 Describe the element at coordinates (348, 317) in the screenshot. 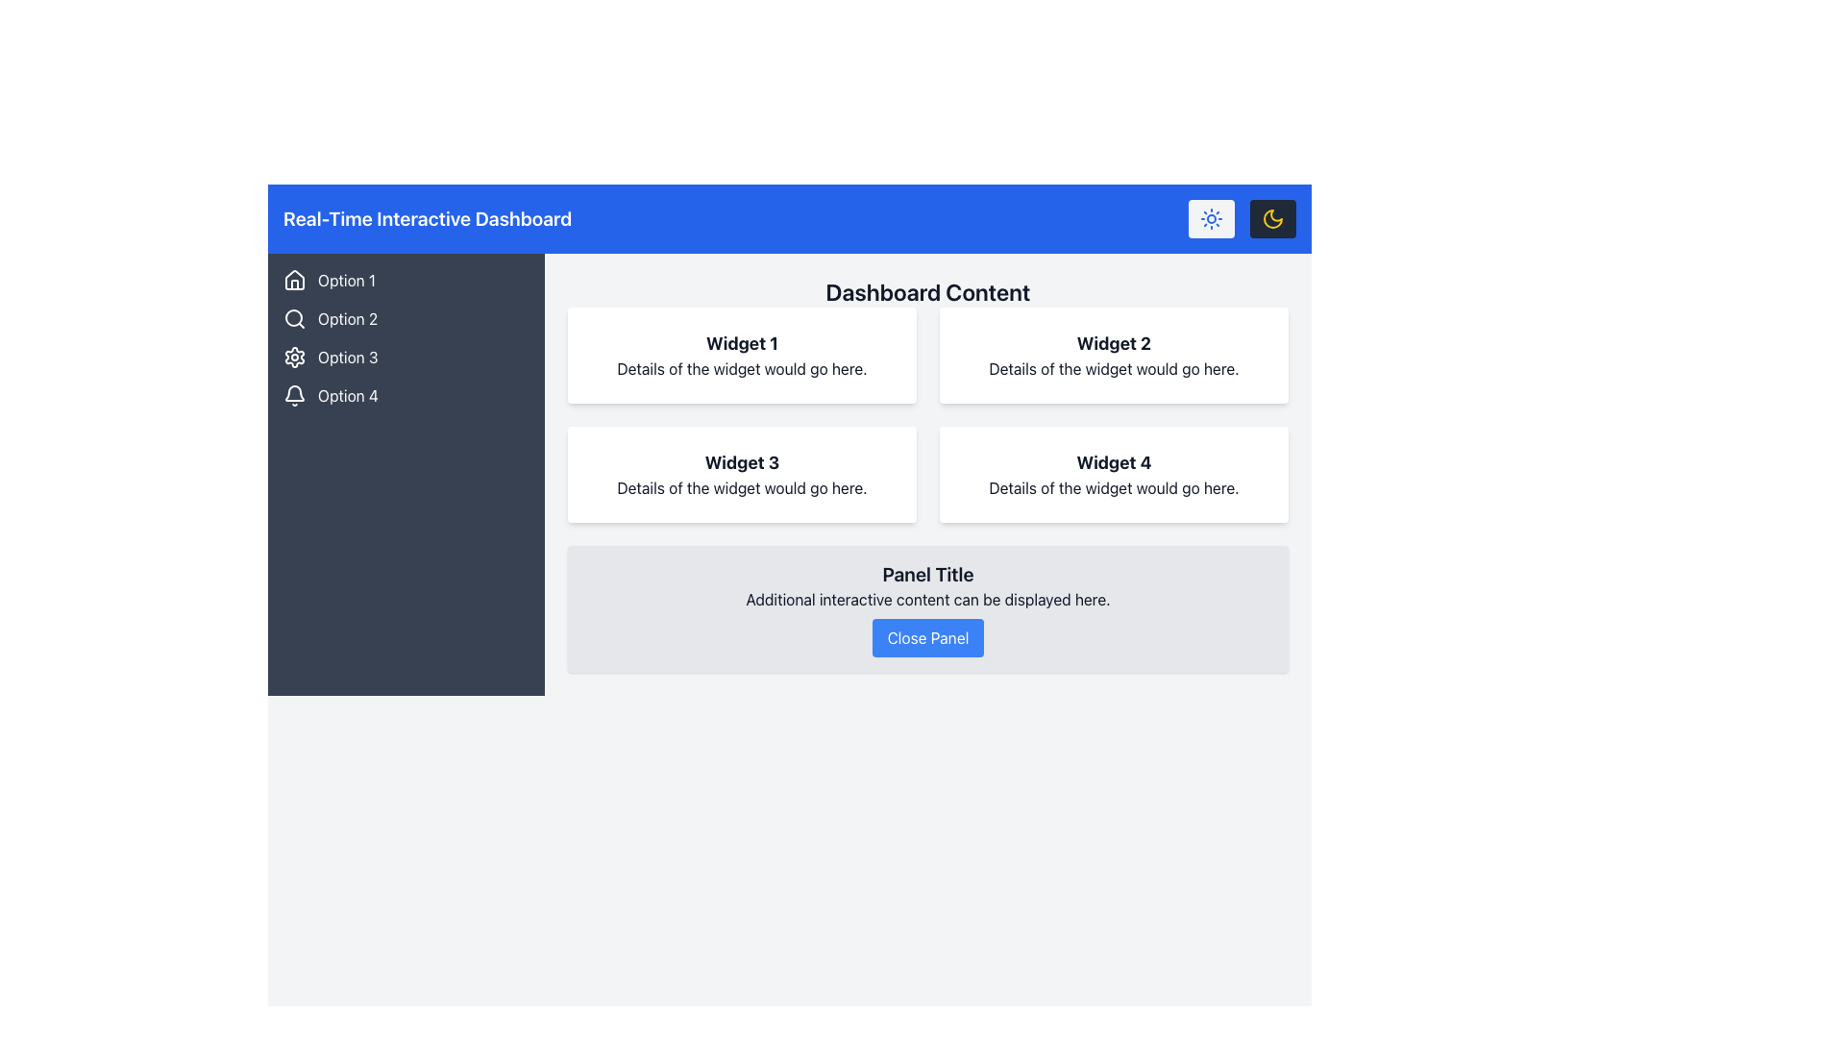

I see `the text label displaying 'Option 2' in the vertical navigation bar` at that location.